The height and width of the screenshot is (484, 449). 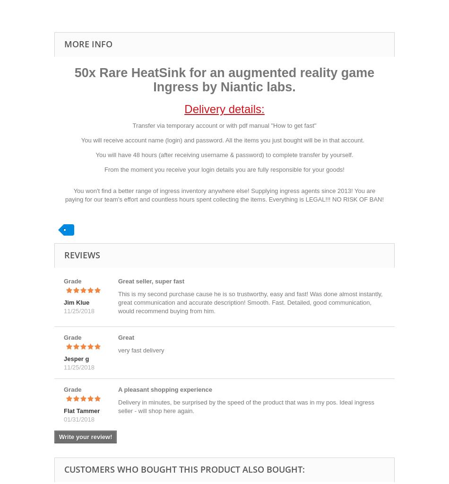 What do you see at coordinates (125, 337) in the screenshot?
I see `'Great'` at bounding box center [125, 337].